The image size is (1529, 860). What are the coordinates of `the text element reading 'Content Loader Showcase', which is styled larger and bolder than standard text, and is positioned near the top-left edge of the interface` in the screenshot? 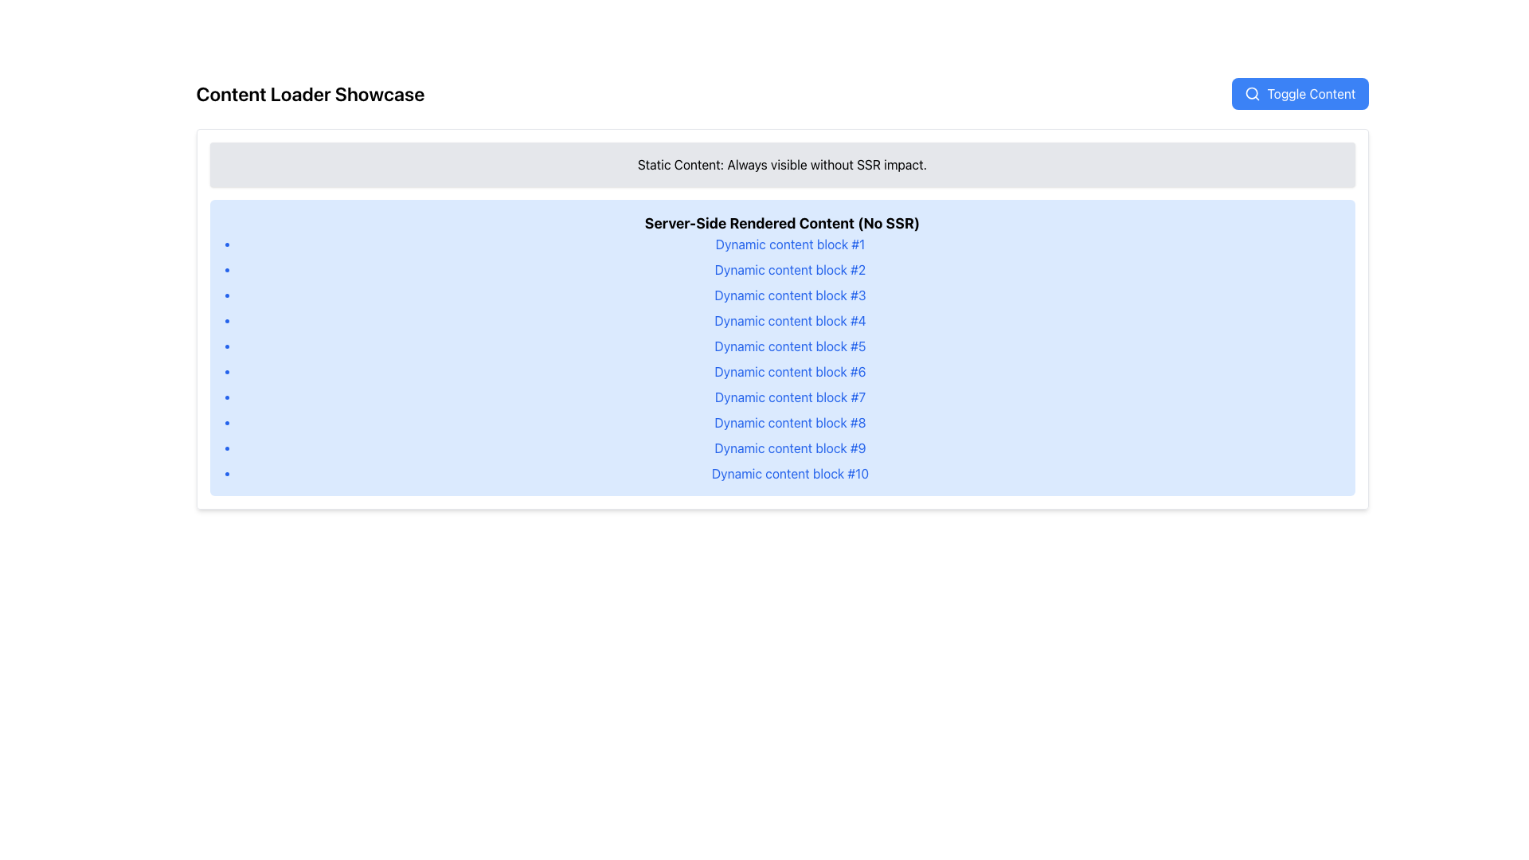 It's located at (310, 94).